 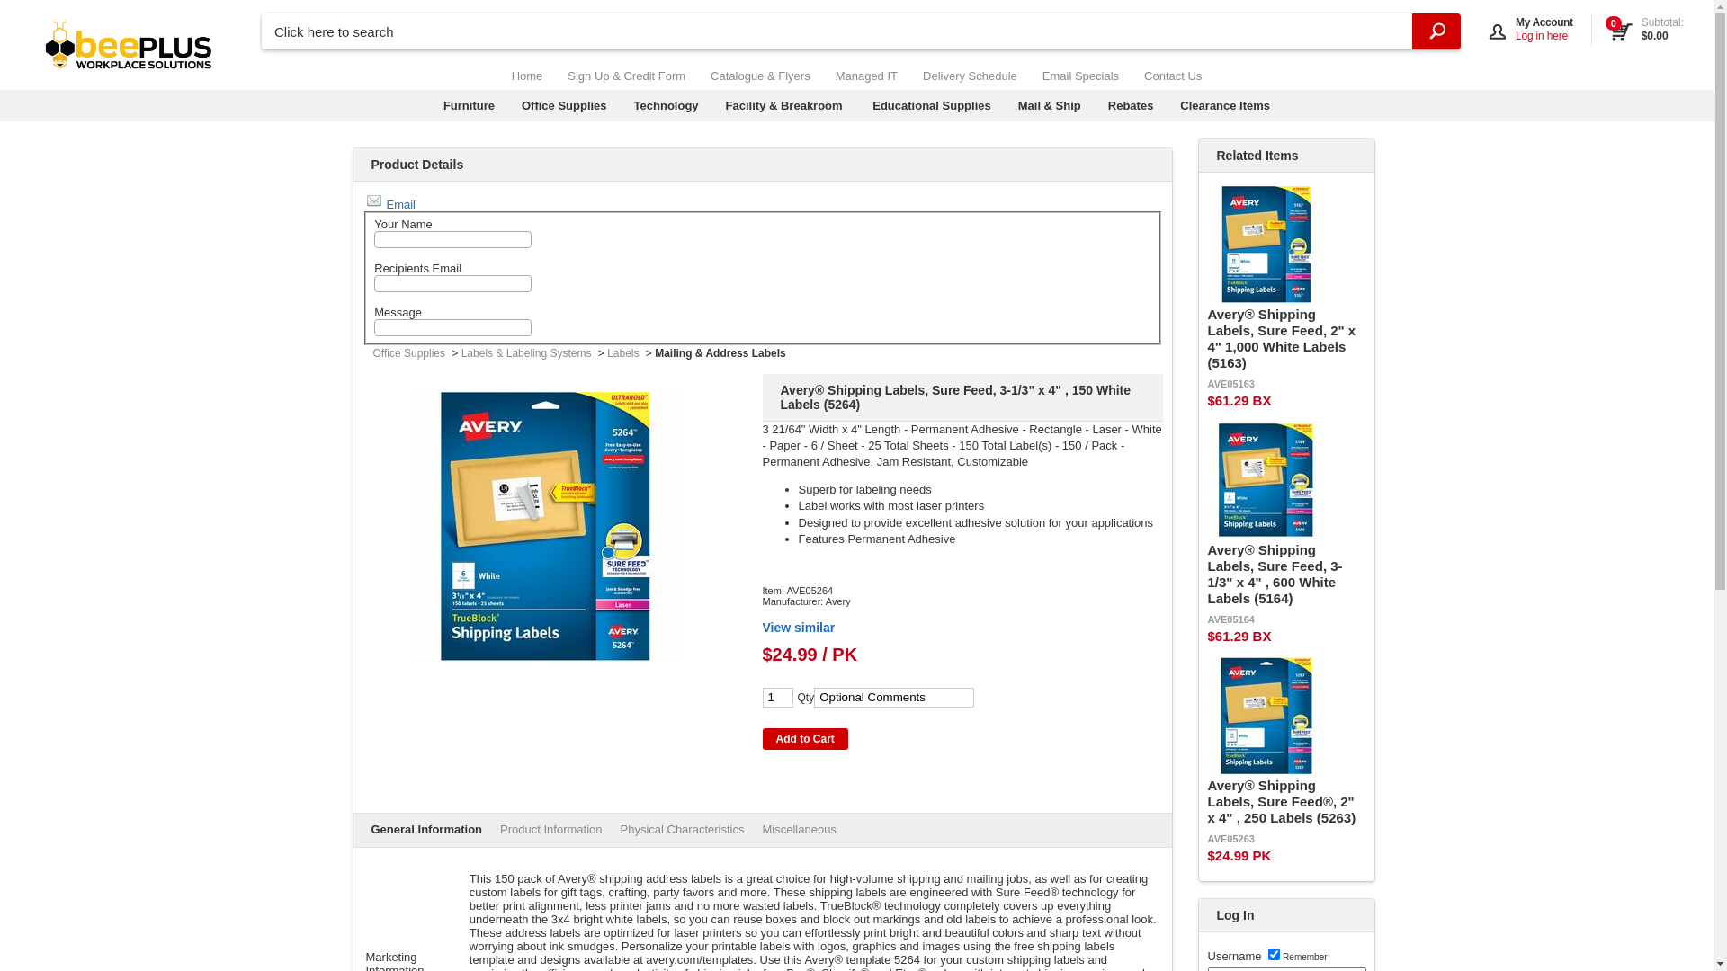 I want to click on 'Managed IT', so click(x=866, y=75).